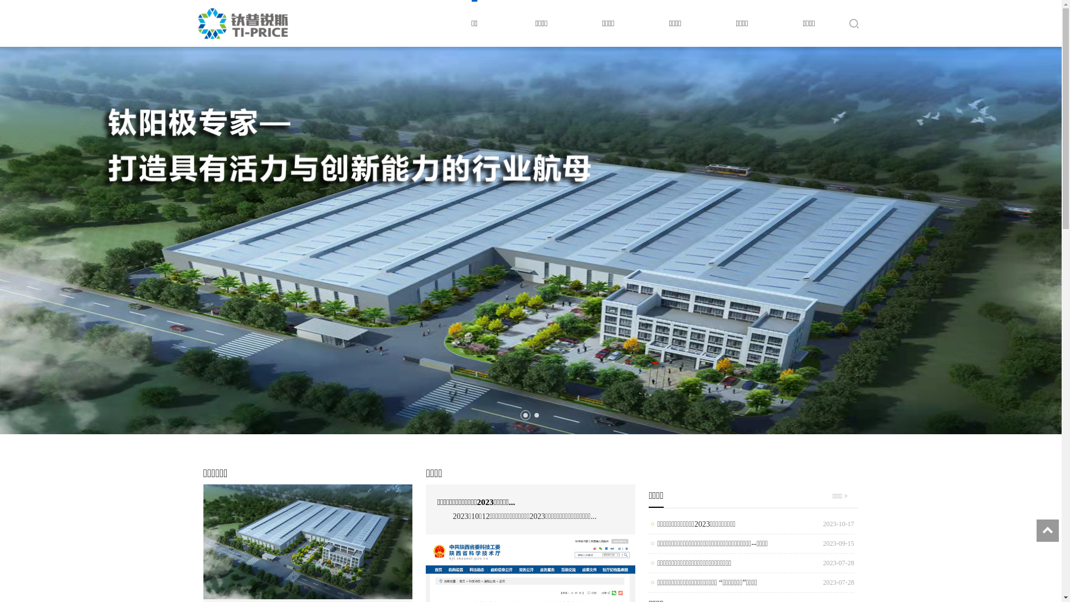  I want to click on '1', so click(524, 415).